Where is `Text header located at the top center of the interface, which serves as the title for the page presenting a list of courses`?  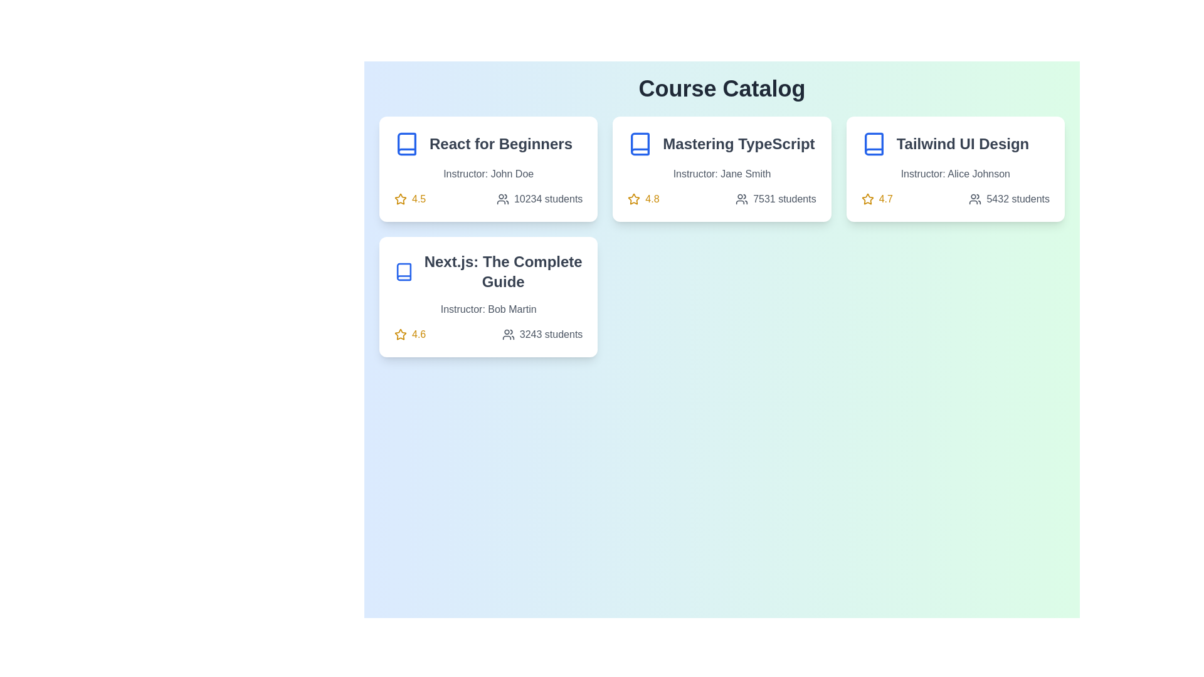 Text header located at the top center of the interface, which serves as the title for the page presenting a list of courses is located at coordinates (722, 88).